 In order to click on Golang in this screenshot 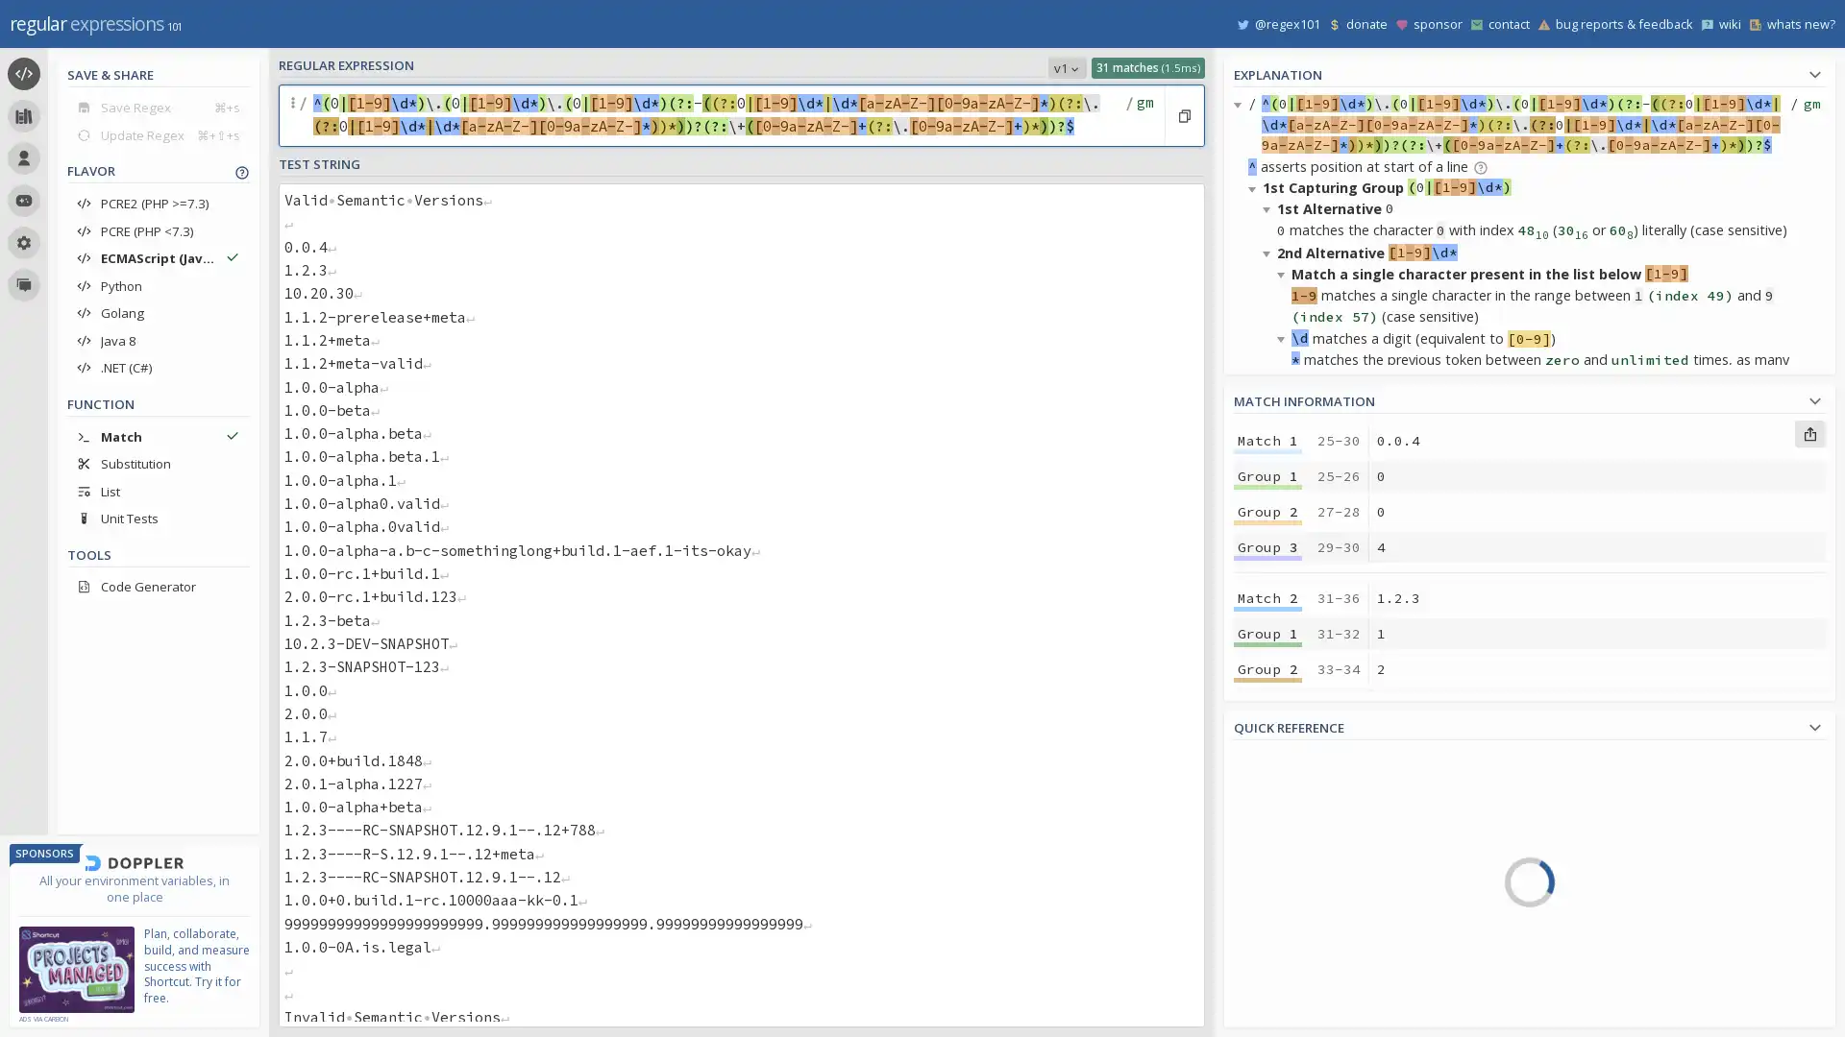, I will do `click(158, 312)`.